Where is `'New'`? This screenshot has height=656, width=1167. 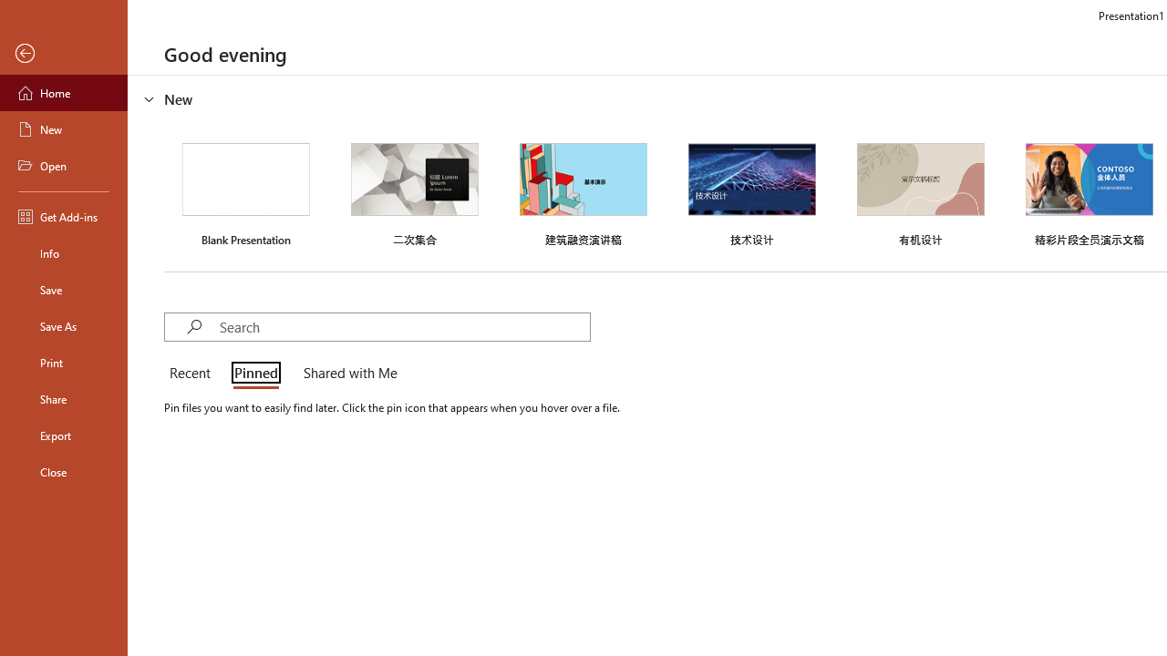
'New' is located at coordinates (63, 128).